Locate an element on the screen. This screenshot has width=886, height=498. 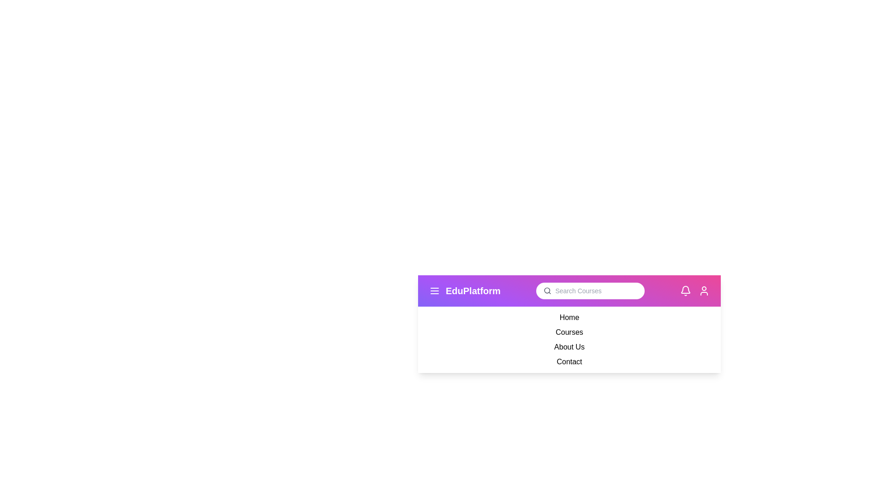
the dropdown menu item Home is located at coordinates (569, 317).